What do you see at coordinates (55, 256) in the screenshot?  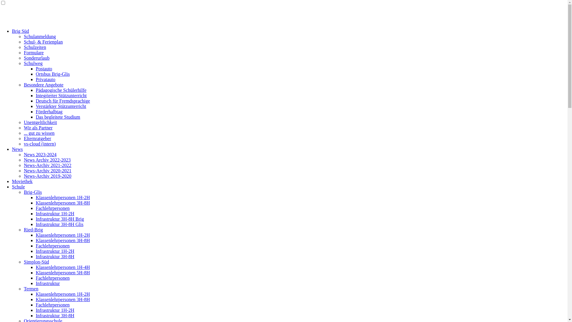 I see `'Infrastruktur 3H-8H'` at bounding box center [55, 256].